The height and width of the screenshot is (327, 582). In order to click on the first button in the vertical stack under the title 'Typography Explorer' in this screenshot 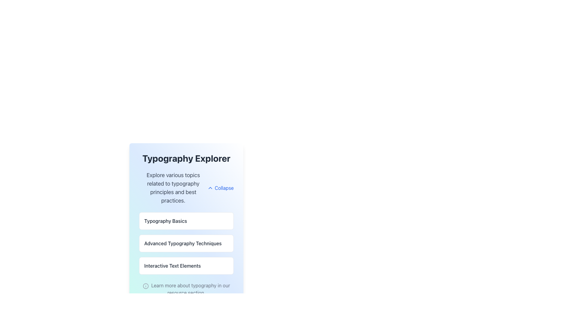, I will do `click(186, 224)`.